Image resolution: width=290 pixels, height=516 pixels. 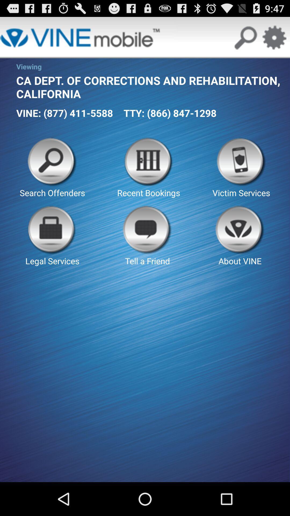 What do you see at coordinates (64, 113) in the screenshot?
I see `the icon to the left of the tty 866 847 icon` at bounding box center [64, 113].